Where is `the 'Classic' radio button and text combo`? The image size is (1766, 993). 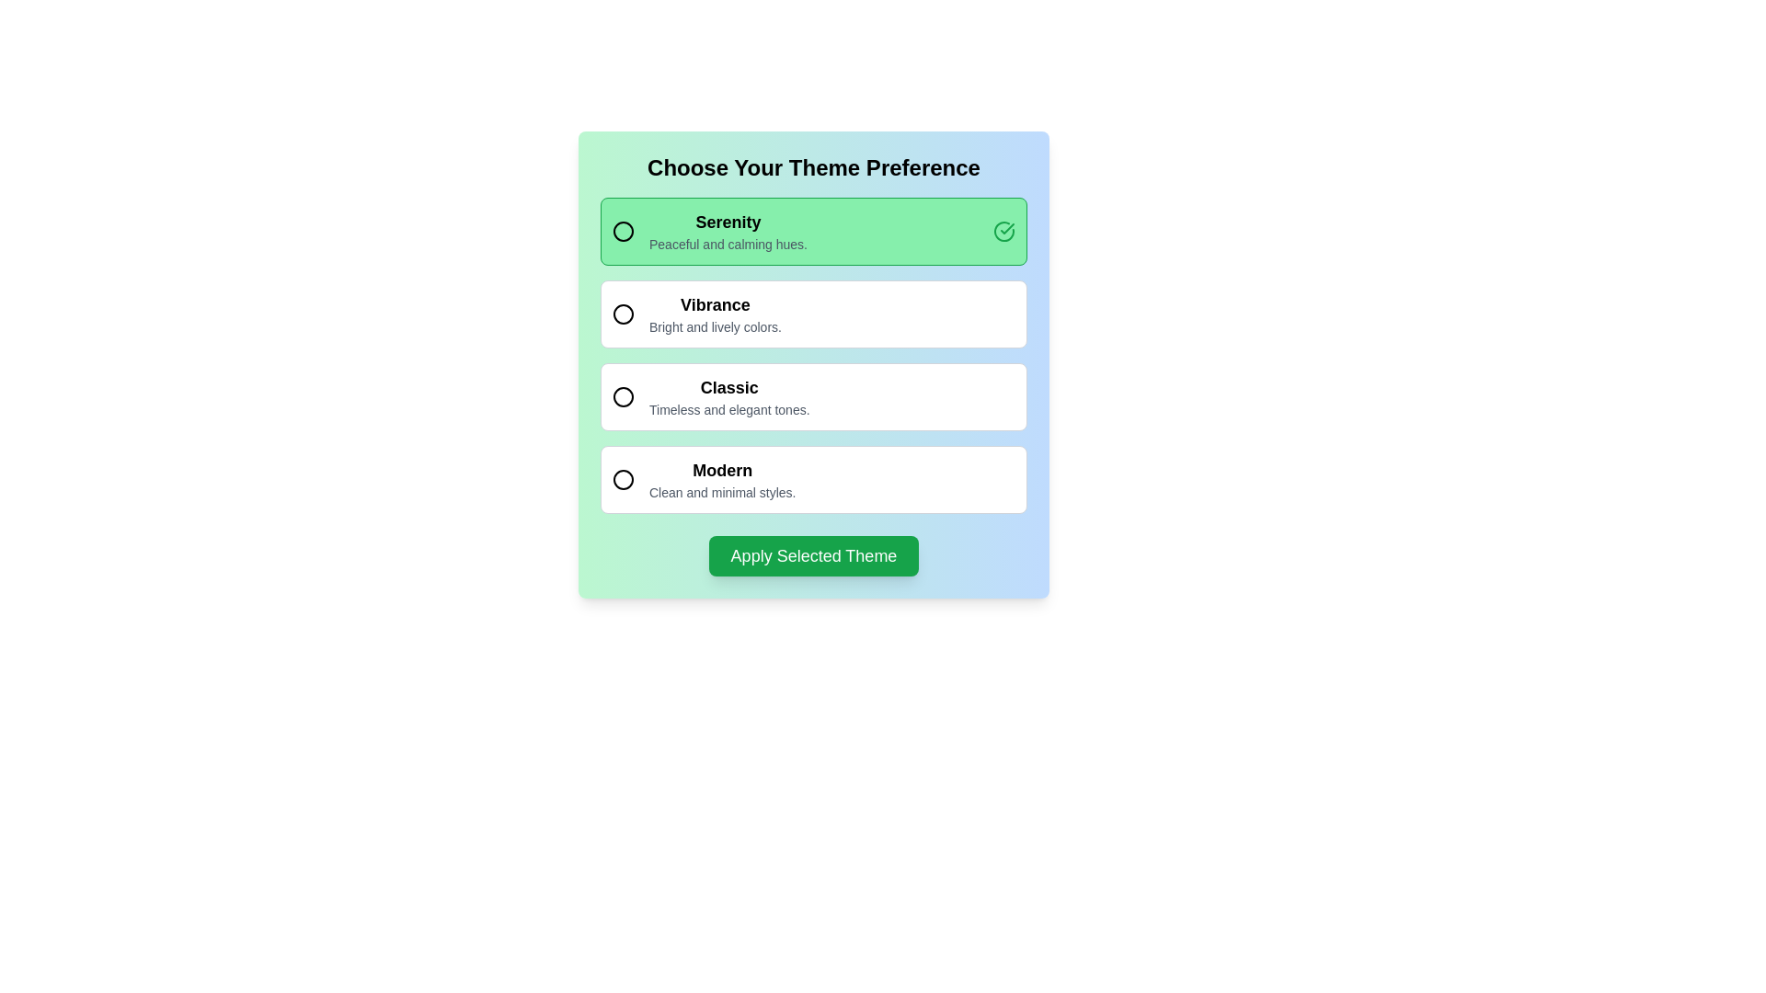
the 'Classic' radio button and text combo is located at coordinates (710, 396).